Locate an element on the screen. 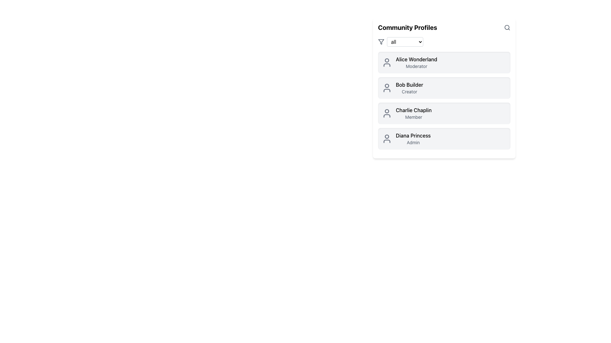 The width and height of the screenshot is (611, 343). the profile entry for 'Bob Builder' in the list is located at coordinates (444, 88).